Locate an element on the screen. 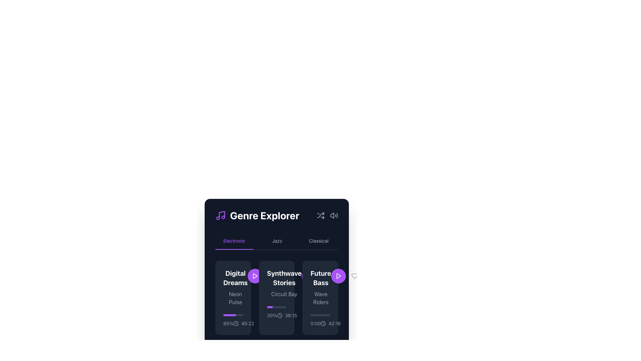 The height and width of the screenshot is (361, 641). the Progress Bar located within the 'Synthwave Stories' card, positioned beneath the title and above the '30%' text marker is located at coordinates (277, 307).